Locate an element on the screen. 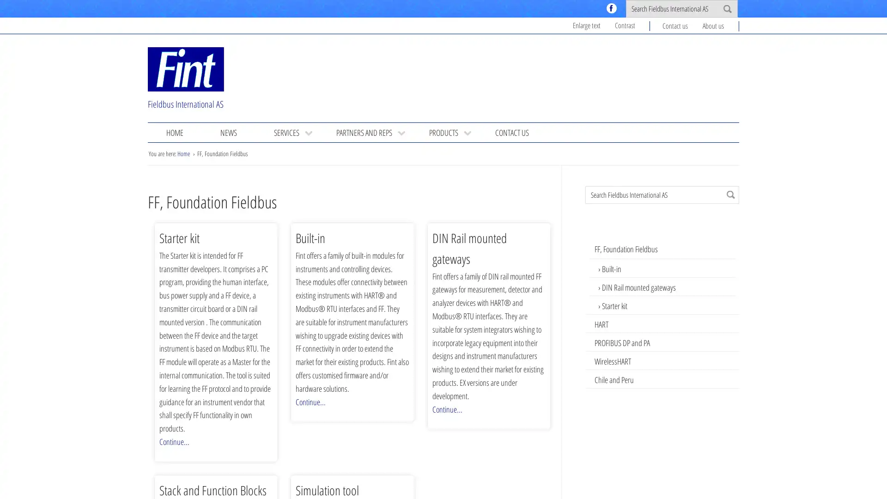  Search is located at coordinates (730, 194).